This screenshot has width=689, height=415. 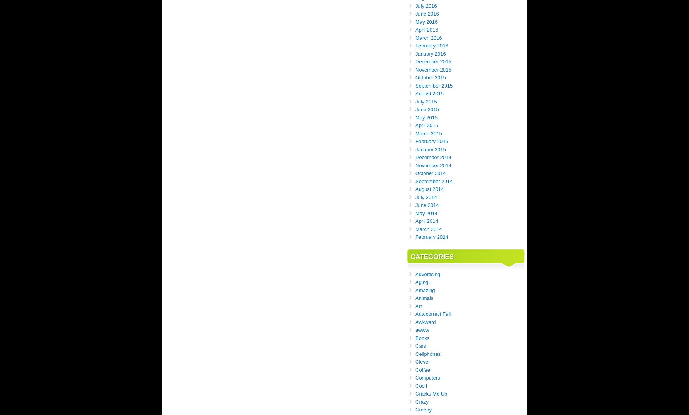 What do you see at coordinates (431, 77) in the screenshot?
I see `'October 2015'` at bounding box center [431, 77].